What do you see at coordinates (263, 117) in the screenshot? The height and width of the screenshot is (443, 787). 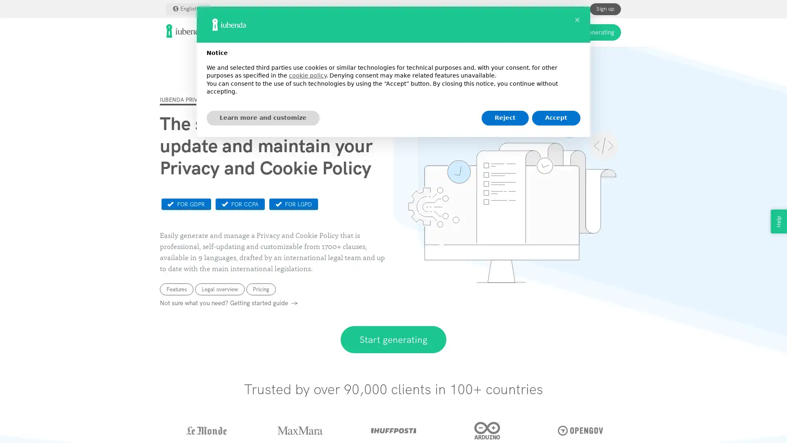 I see `Learn more and customize` at bounding box center [263, 117].